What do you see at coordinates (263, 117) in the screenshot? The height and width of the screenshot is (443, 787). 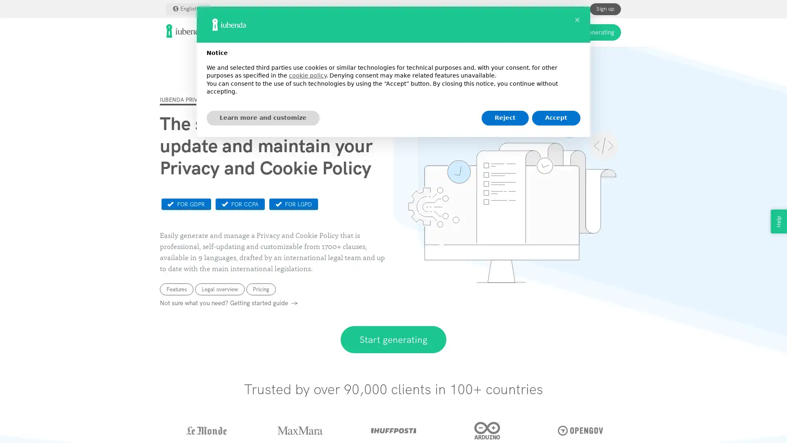 I see `Learn more and customize` at bounding box center [263, 117].